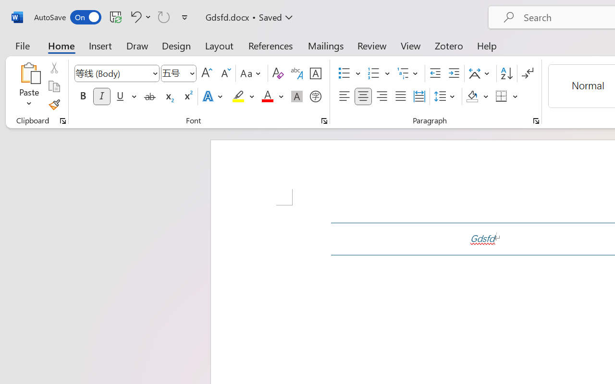 This screenshot has width=615, height=384. What do you see at coordinates (315, 73) in the screenshot?
I see `'Character Border'` at bounding box center [315, 73].